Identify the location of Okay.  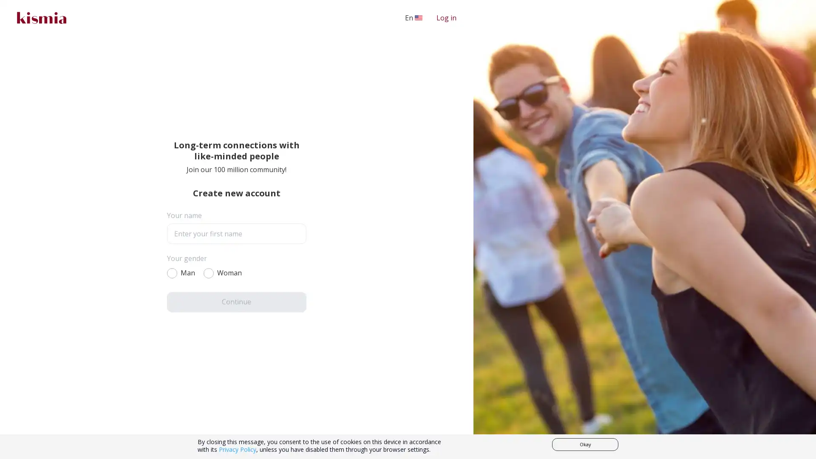
(585, 444).